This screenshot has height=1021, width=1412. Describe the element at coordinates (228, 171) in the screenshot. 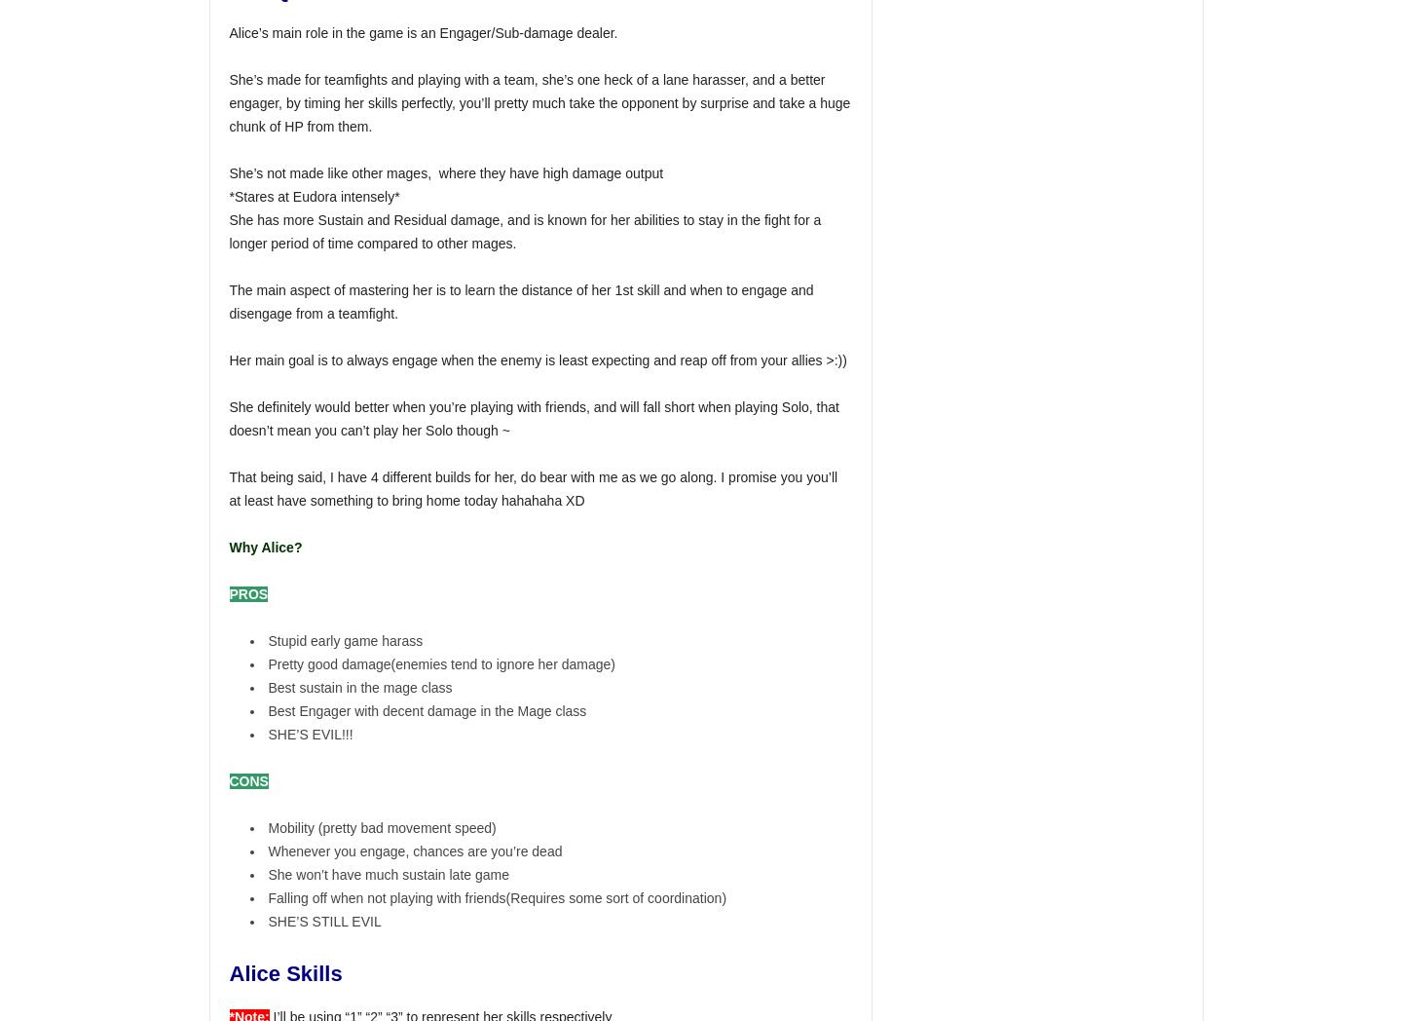

I see `'She’s not made like other mages,  where they have high damage output'` at that location.